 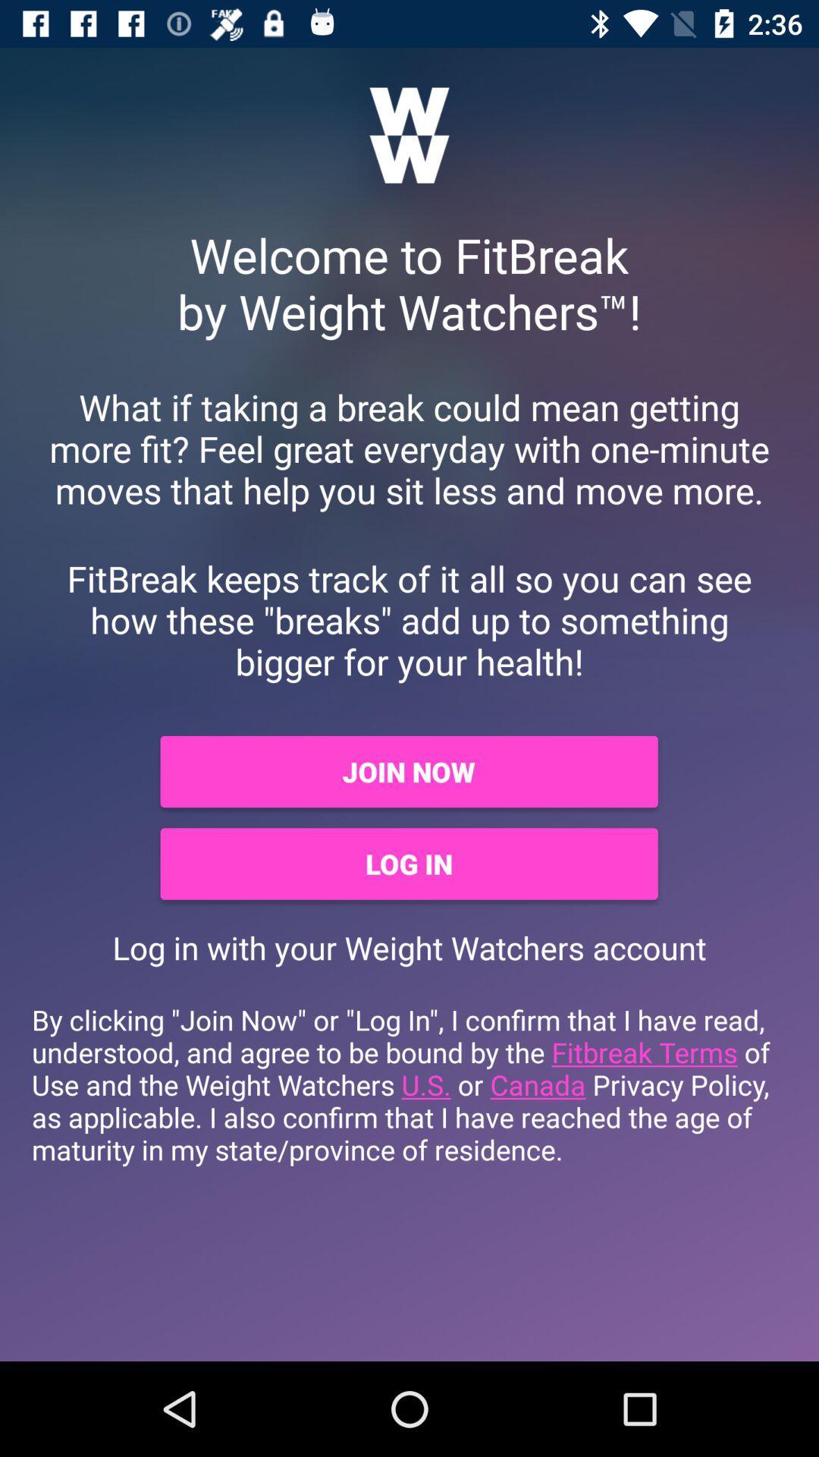 What do you see at coordinates (409, 1084) in the screenshot?
I see `item below log in with icon` at bounding box center [409, 1084].